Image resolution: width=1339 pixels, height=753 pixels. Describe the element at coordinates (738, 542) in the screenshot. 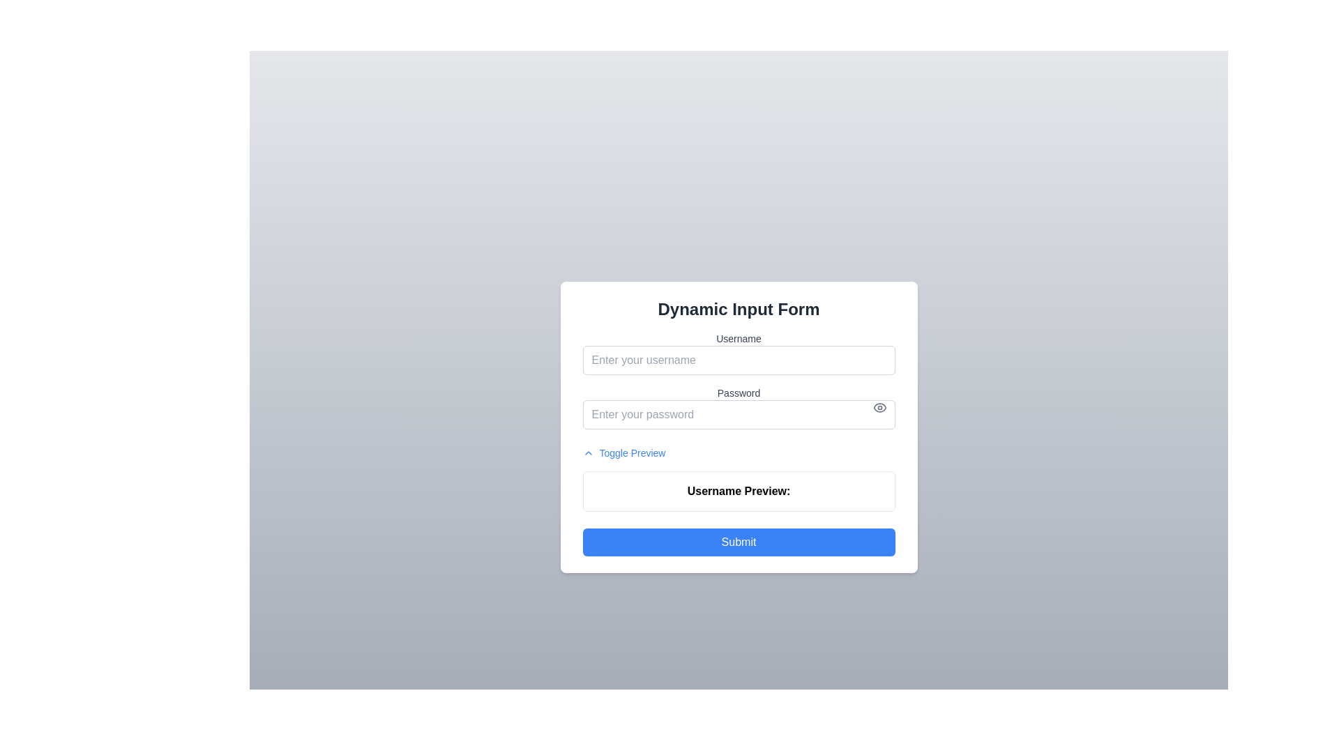

I see `the form submission button located at the bottom of the form interface` at that location.